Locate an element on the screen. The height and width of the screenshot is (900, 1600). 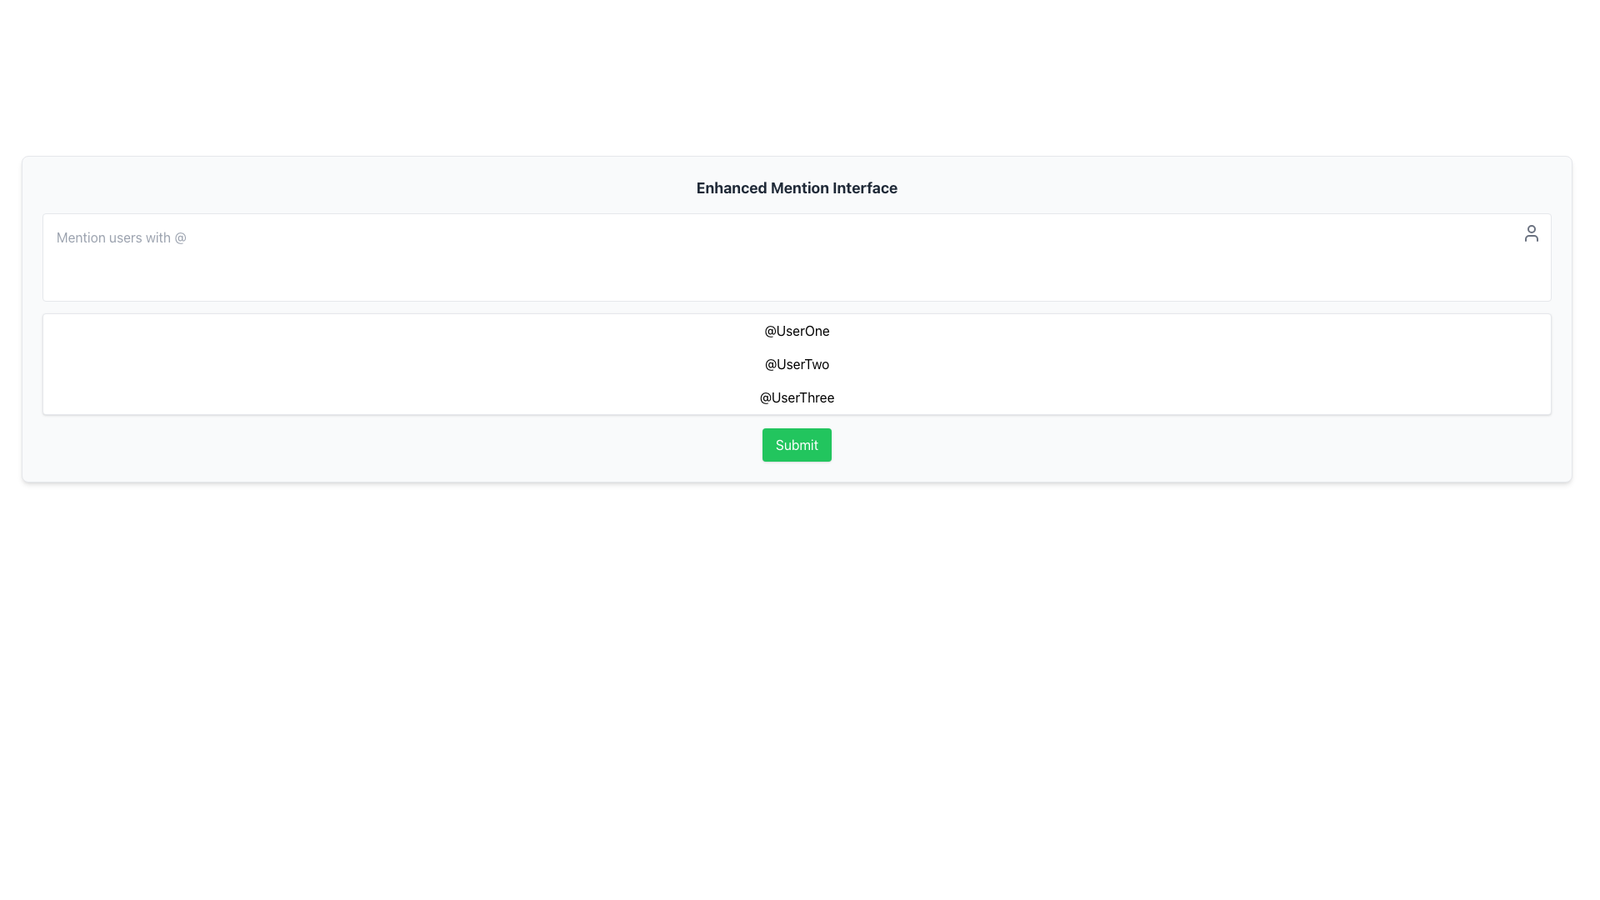
the second list item displaying '@UserTwo' to observe its hover effects is located at coordinates (796, 362).